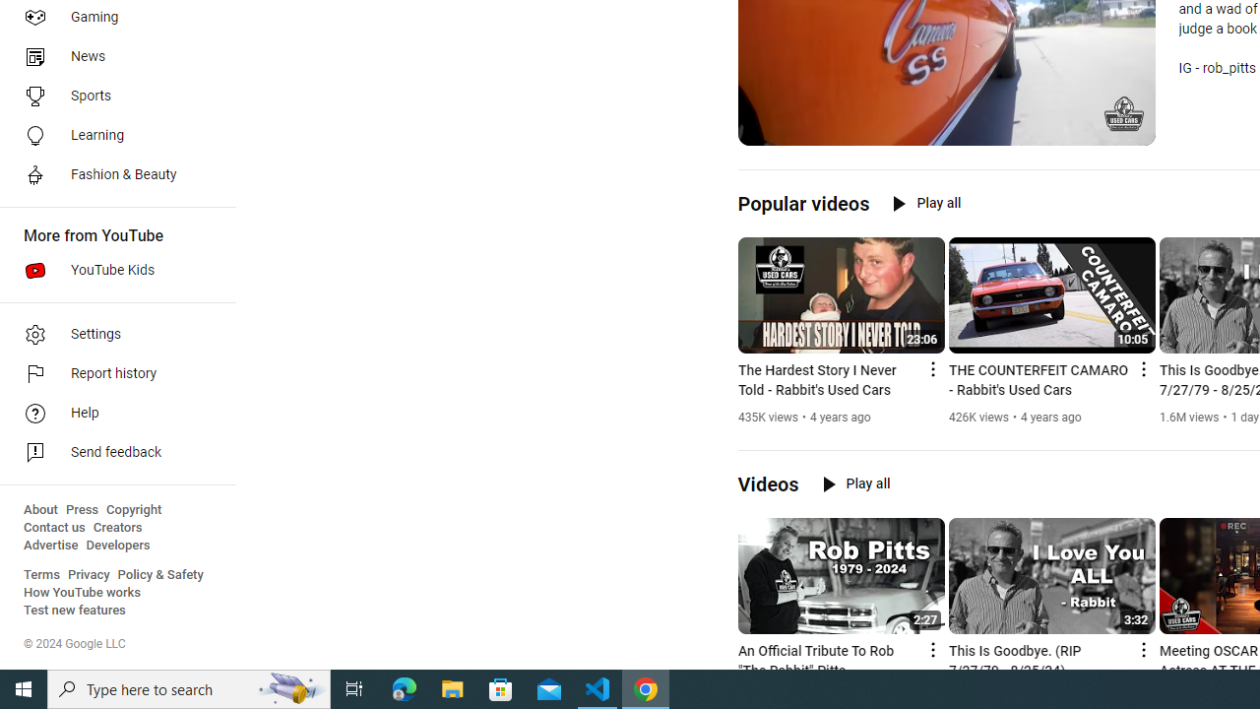 The image size is (1260, 709). Describe the element at coordinates (81, 592) in the screenshot. I see `'How YouTube works'` at that location.